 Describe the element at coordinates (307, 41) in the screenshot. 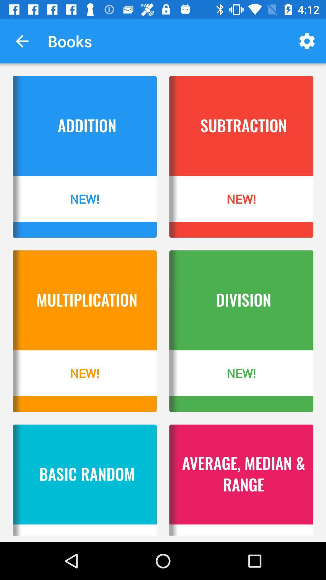

I see `icon next to books item` at that location.